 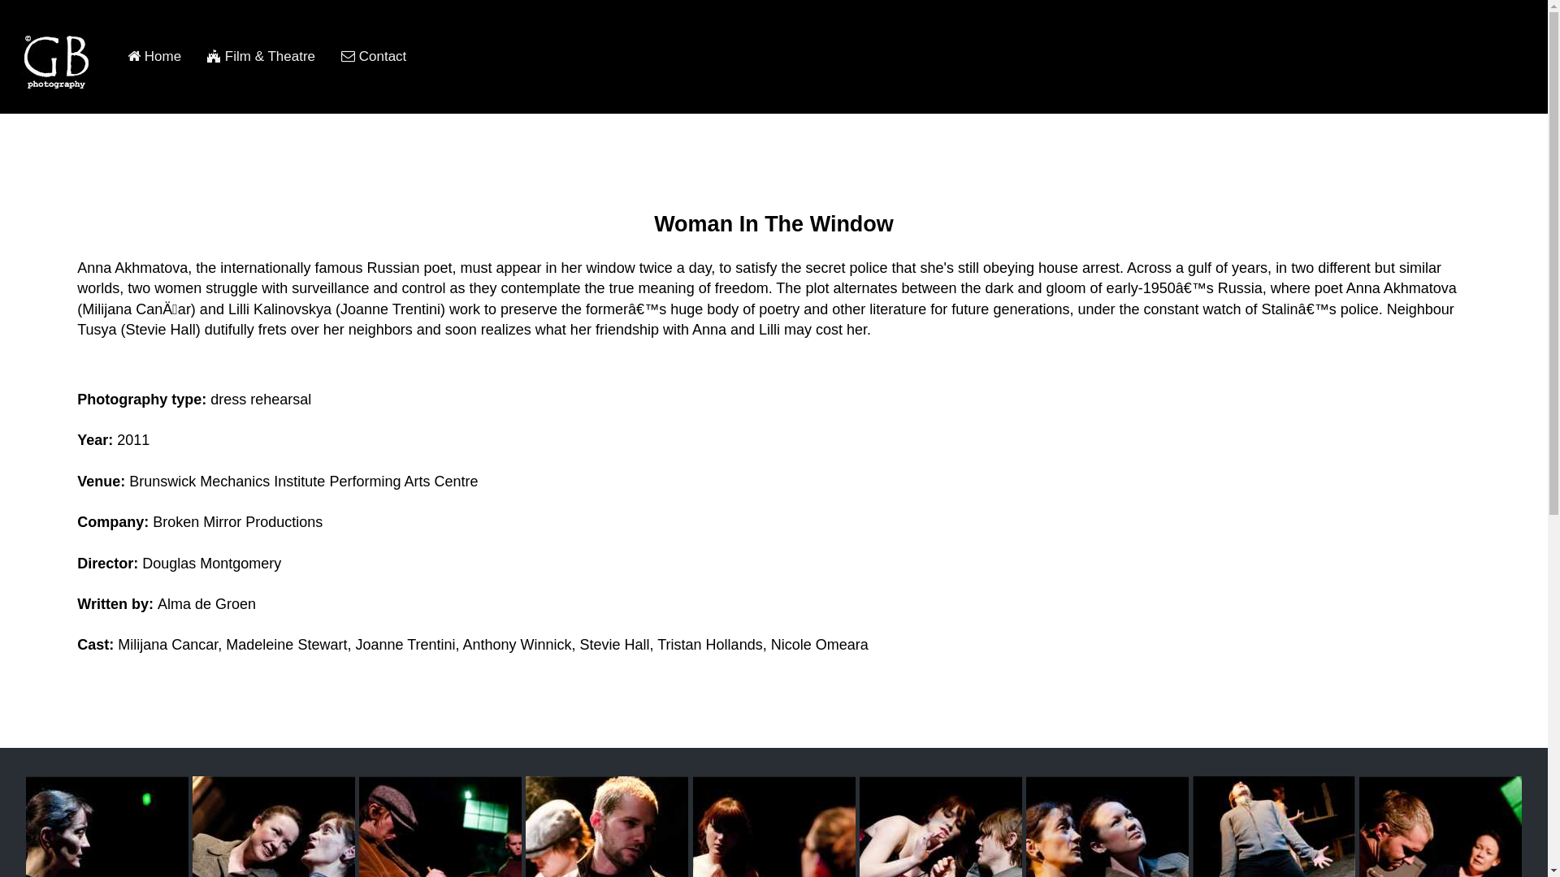 What do you see at coordinates (113, 55) in the screenshot?
I see `'Home'` at bounding box center [113, 55].